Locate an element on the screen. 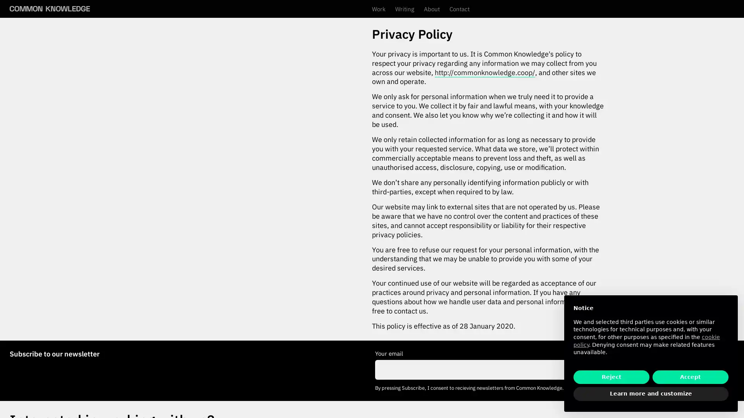 Image resolution: width=744 pixels, height=418 pixels. Learn more and customize is located at coordinates (651, 394).